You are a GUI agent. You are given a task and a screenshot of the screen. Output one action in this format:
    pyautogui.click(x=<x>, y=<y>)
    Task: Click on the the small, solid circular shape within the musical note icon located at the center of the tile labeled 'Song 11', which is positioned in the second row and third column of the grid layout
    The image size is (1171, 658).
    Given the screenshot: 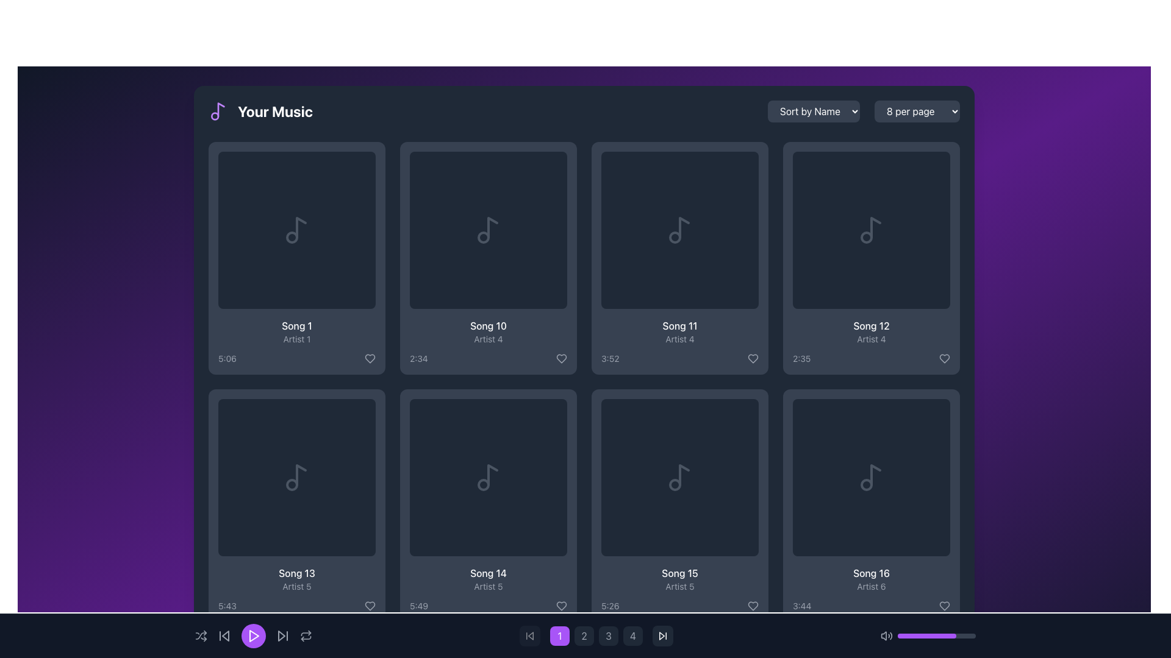 What is the action you would take?
    pyautogui.click(x=675, y=237)
    